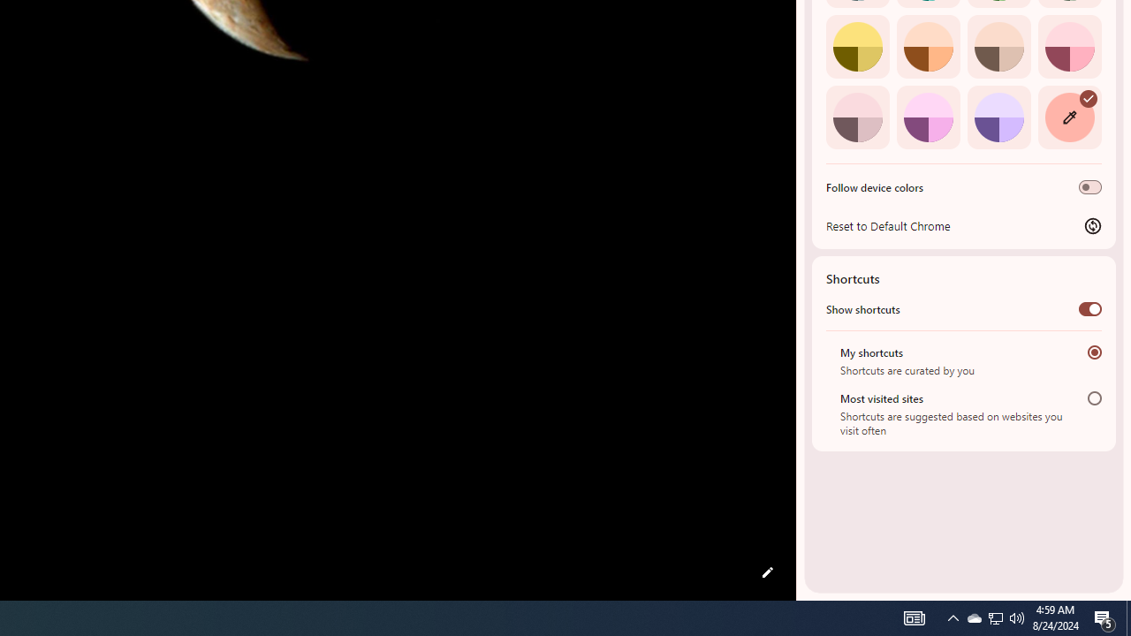  What do you see at coordinates (1068, 117) in the screenshot?
I see `'Custom color'` at bounding box center [1068, 117].